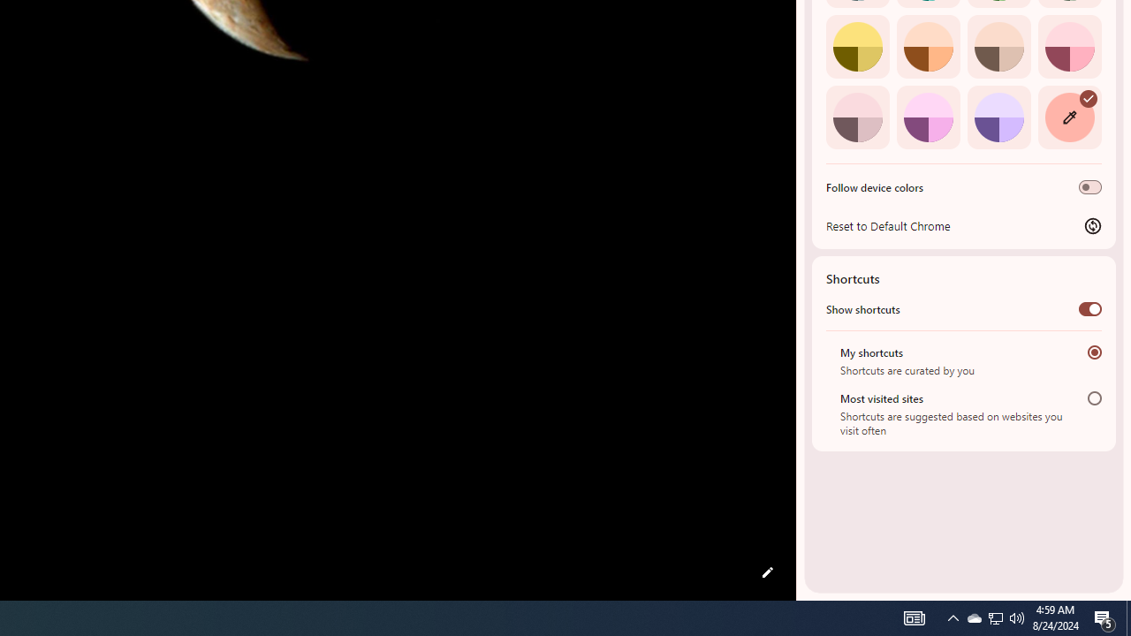  What do you see at coordinates (1068, 117) in the screenshot?
I see `'Custom color'` at bounding box center [1068, 117].